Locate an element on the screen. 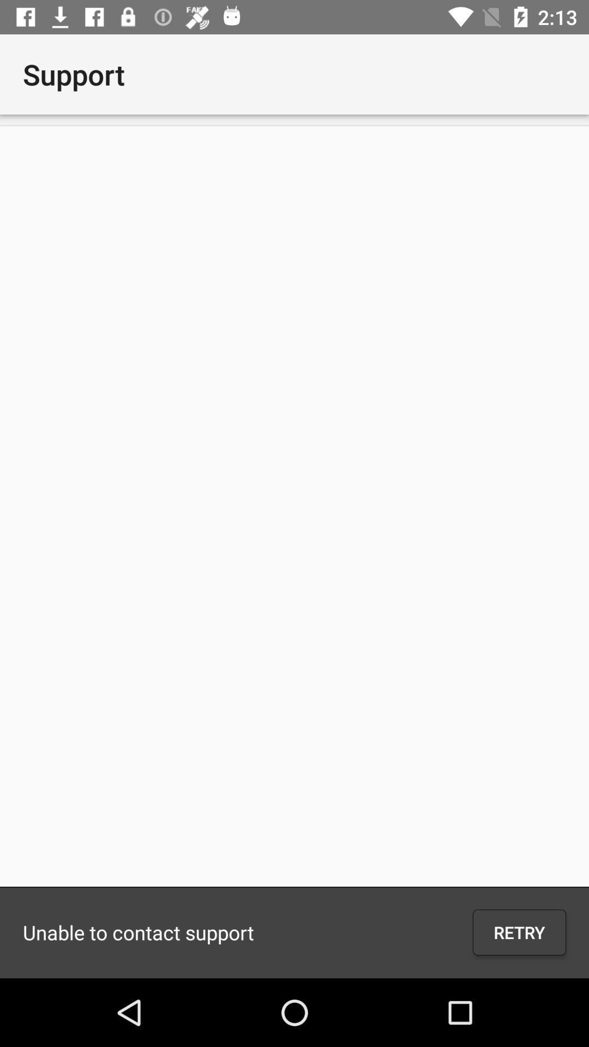  the retry is located at coordinates (519, 931).